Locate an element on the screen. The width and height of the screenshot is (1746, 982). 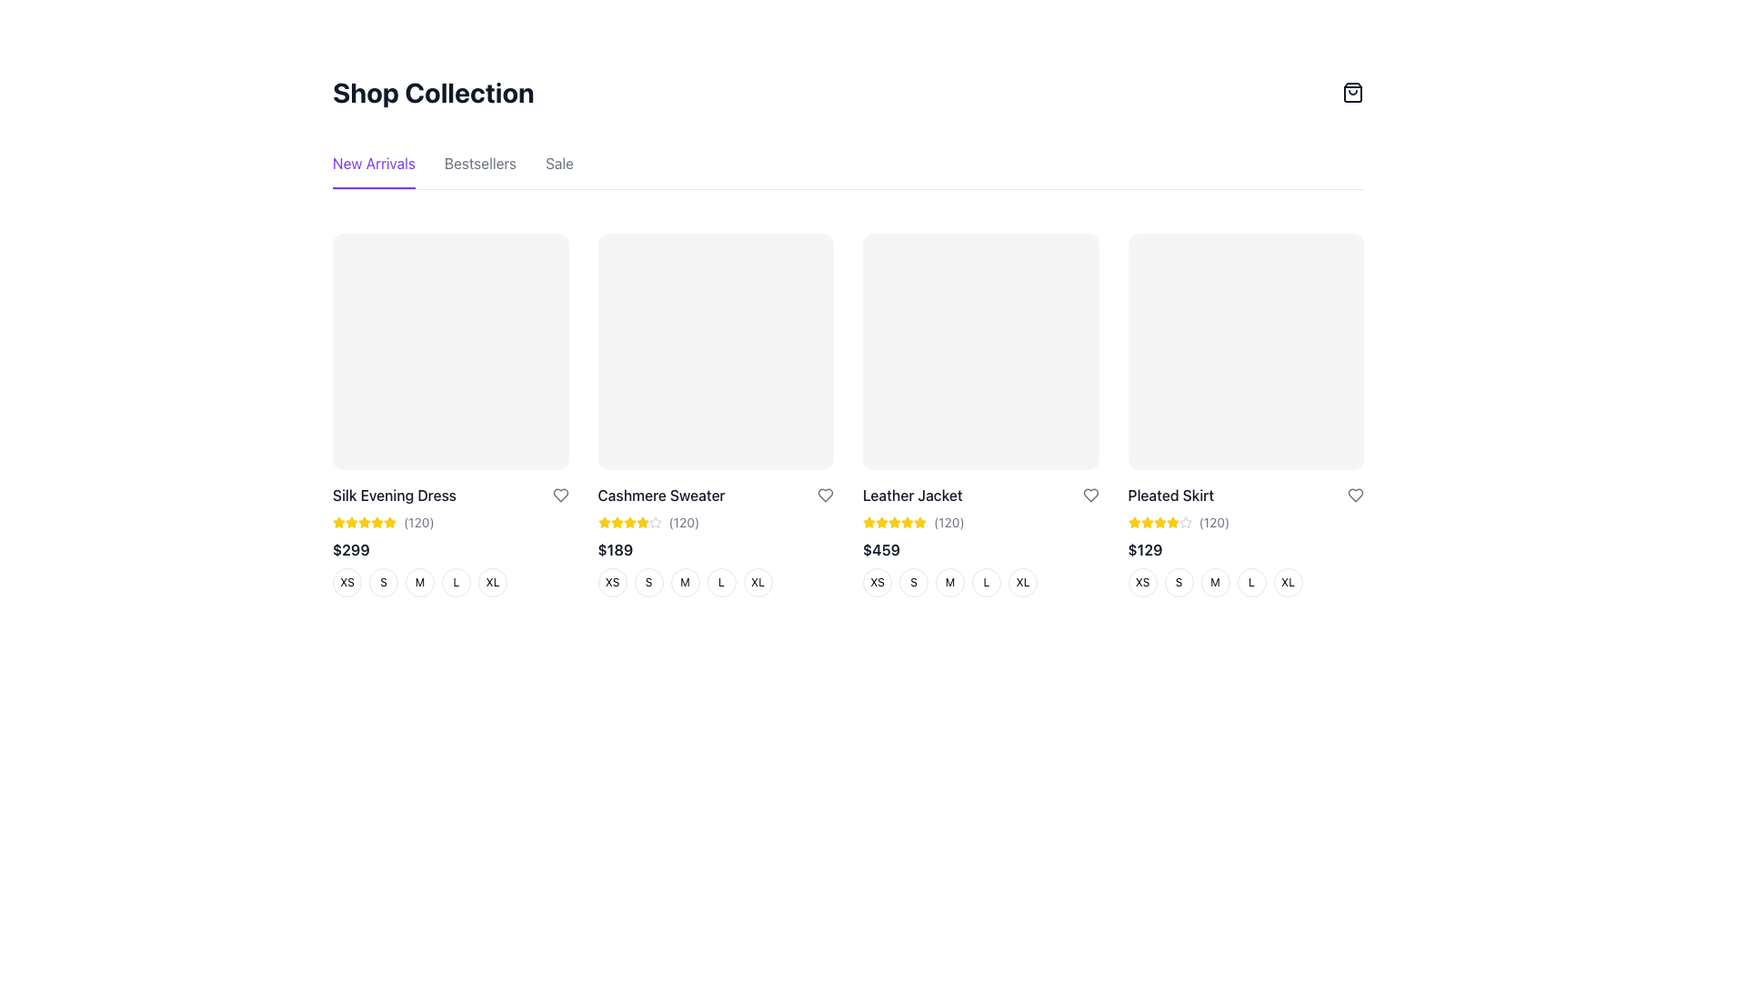
the fifth yellow star icon in the rating scale located under the 'Cashmere Sweater' product card is located at coordinates (629, 522).